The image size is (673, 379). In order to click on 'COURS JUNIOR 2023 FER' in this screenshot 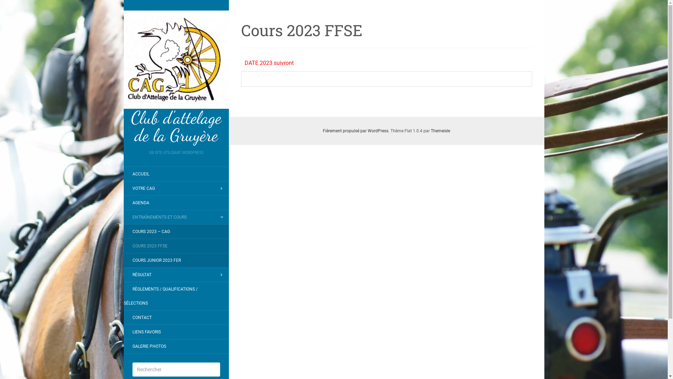, I will do `click(123, 260)`.